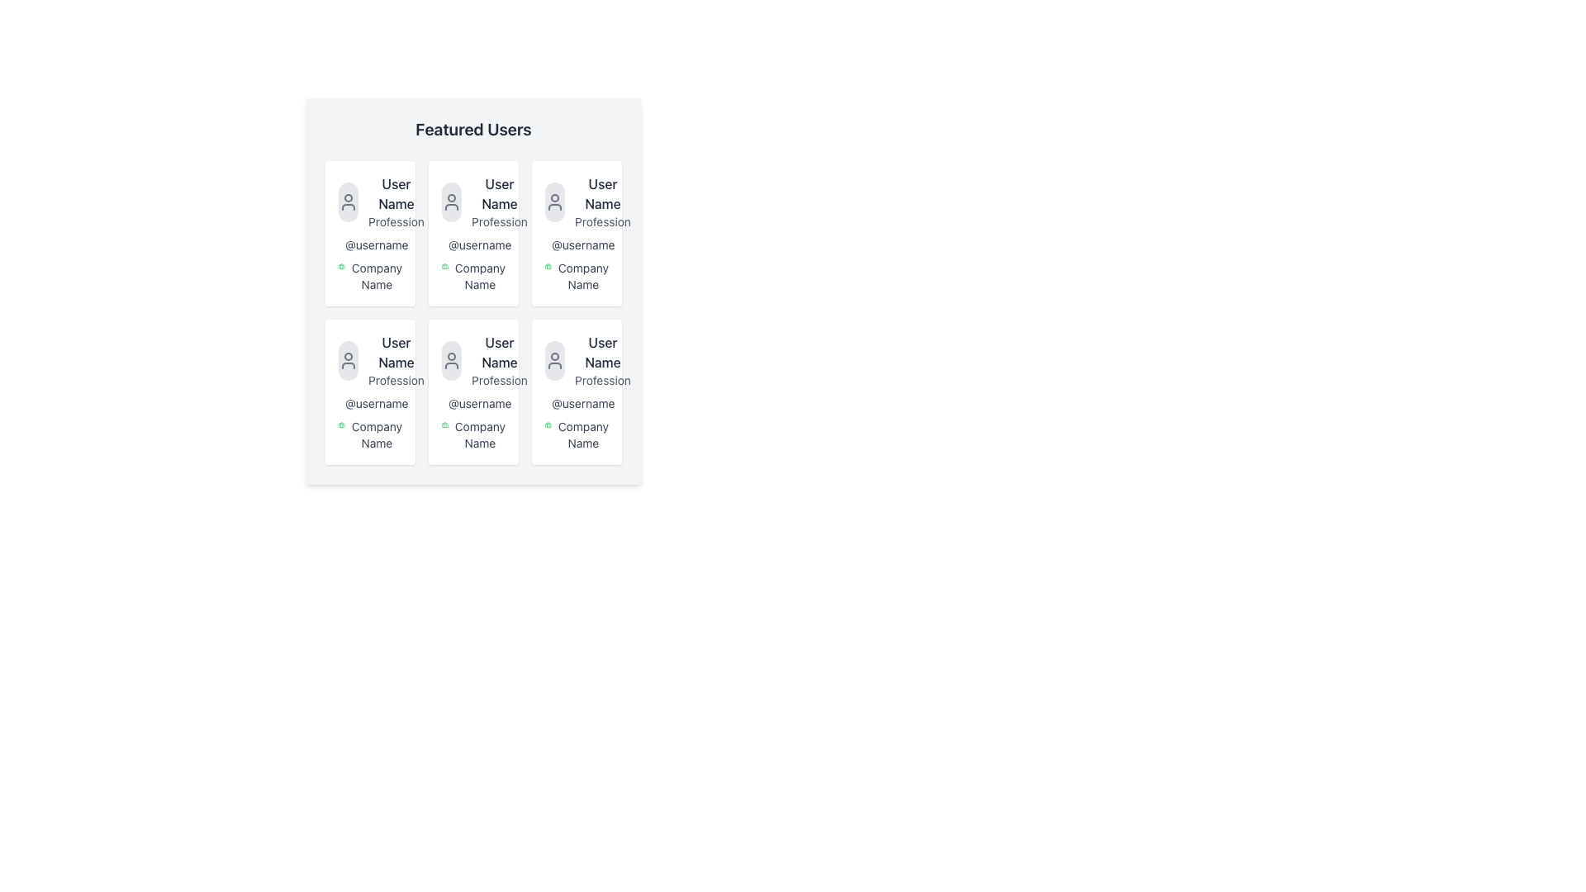 The width and height of the screenshot is (1586, 892). Describe the element at coordinates (472, 245) in the screenshot. I see `the static text label displaying '@username' with a small icon resembling an '@' symbol preceding it, located in the second column of the first row of the user card` at that location.